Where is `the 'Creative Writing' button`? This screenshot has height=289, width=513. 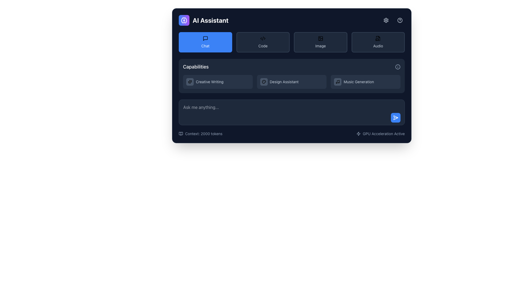 the 'Creative Writing' button is located at coordinates (218, 82).